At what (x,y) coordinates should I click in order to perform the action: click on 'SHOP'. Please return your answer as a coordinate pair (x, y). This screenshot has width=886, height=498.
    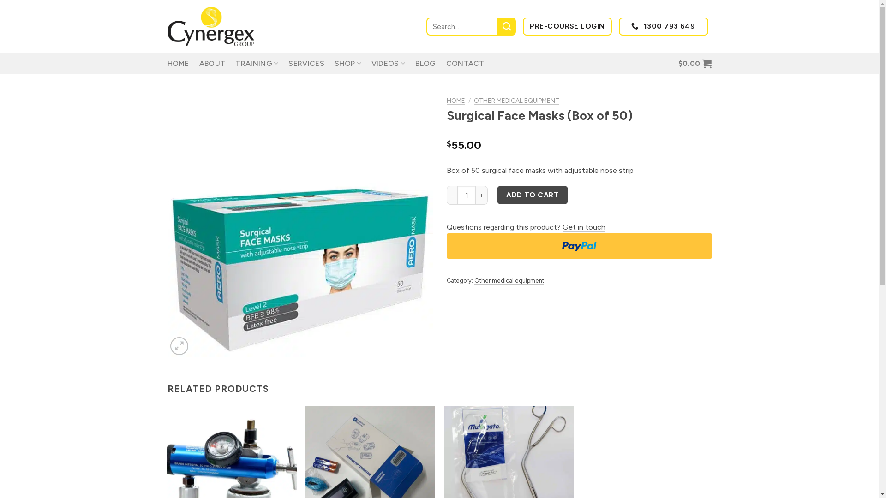
    Looking at the image, I should click on (334, 63).